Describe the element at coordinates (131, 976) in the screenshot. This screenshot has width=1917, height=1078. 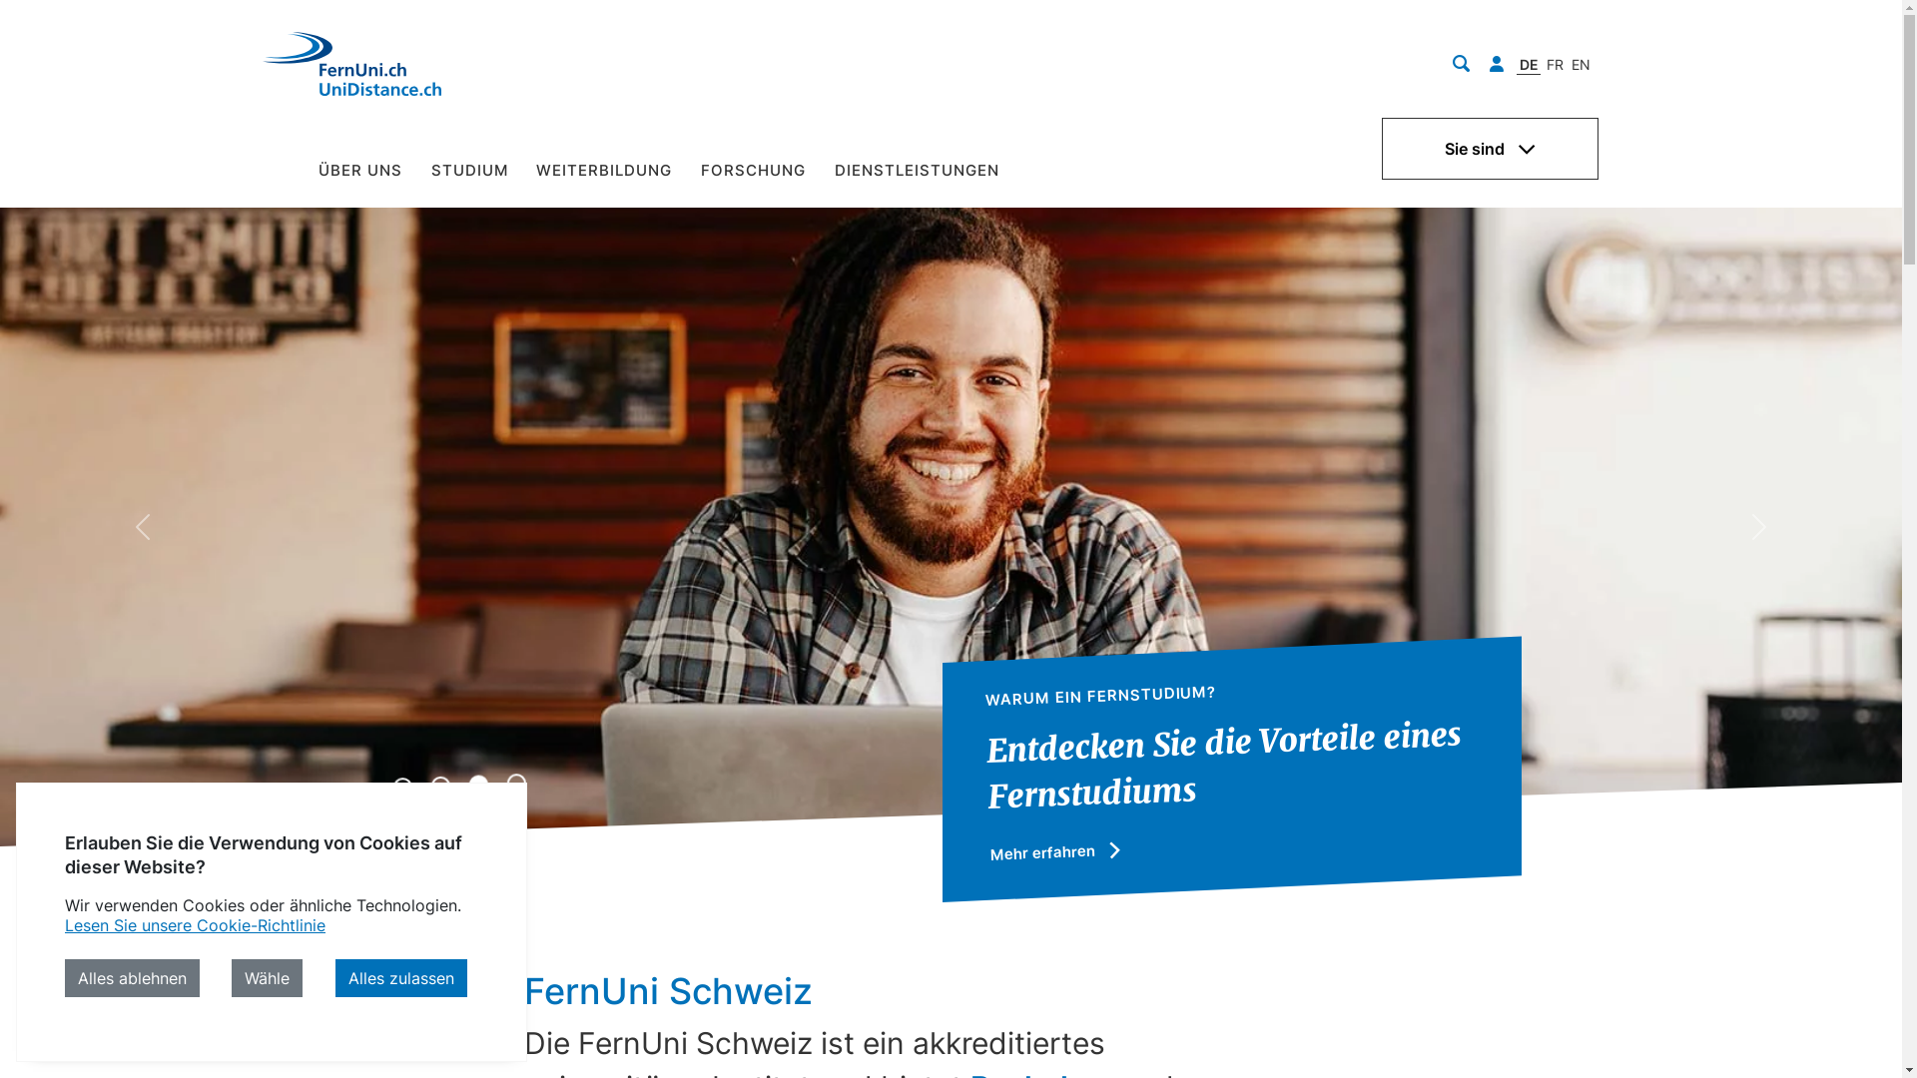
I see `'Alles ablehnen'` at that location.